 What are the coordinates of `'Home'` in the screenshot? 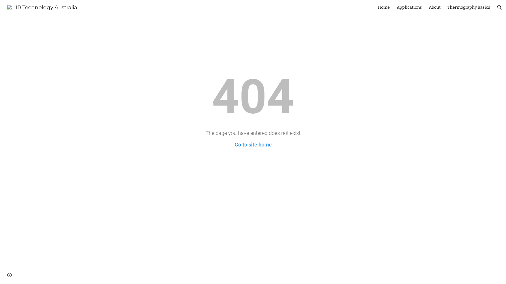 It's located at (377, 7).